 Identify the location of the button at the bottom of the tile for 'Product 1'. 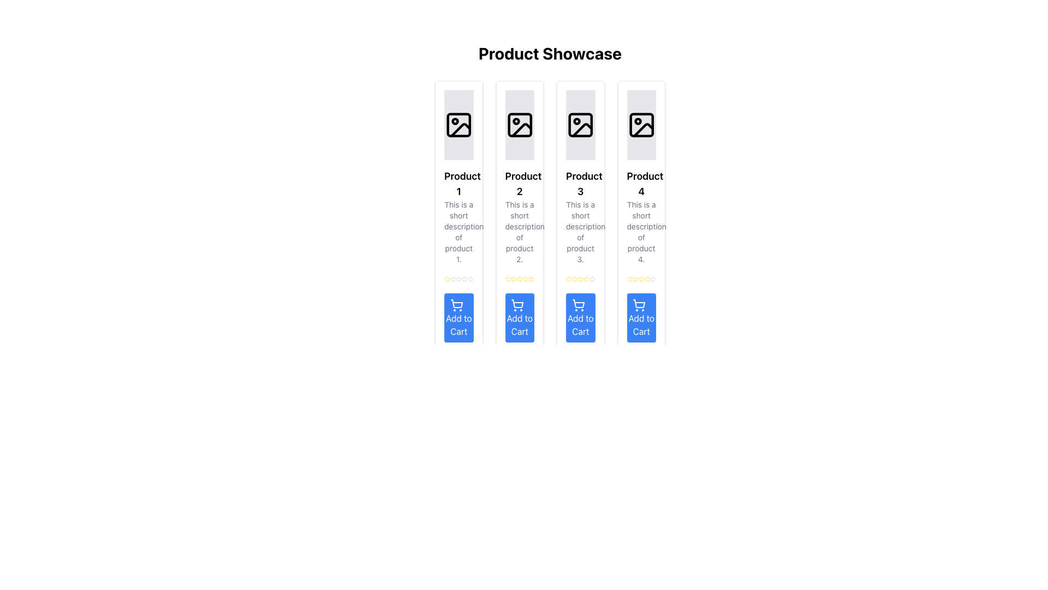
(458, 317).